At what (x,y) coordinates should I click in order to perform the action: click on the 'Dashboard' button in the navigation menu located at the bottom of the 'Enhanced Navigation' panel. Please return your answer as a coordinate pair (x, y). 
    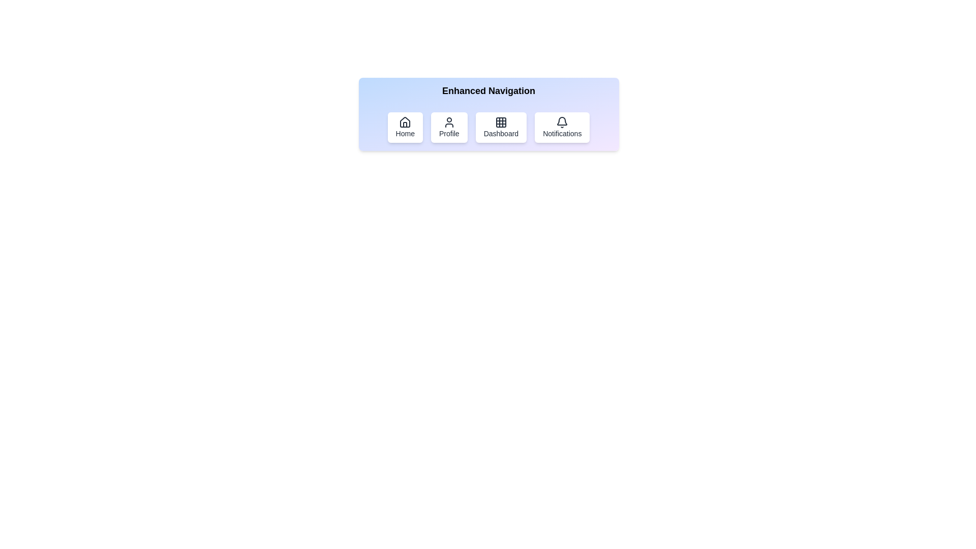
    Looking at the image, I should click on (489, 127).